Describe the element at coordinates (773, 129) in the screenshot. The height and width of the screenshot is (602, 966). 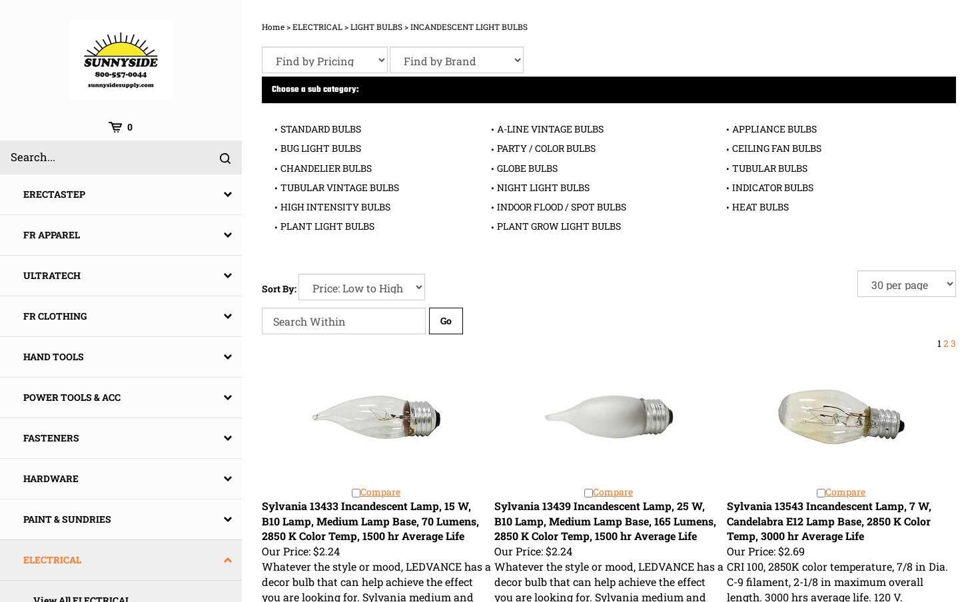
I see `'APPLIANCE BULBS'` at that location.